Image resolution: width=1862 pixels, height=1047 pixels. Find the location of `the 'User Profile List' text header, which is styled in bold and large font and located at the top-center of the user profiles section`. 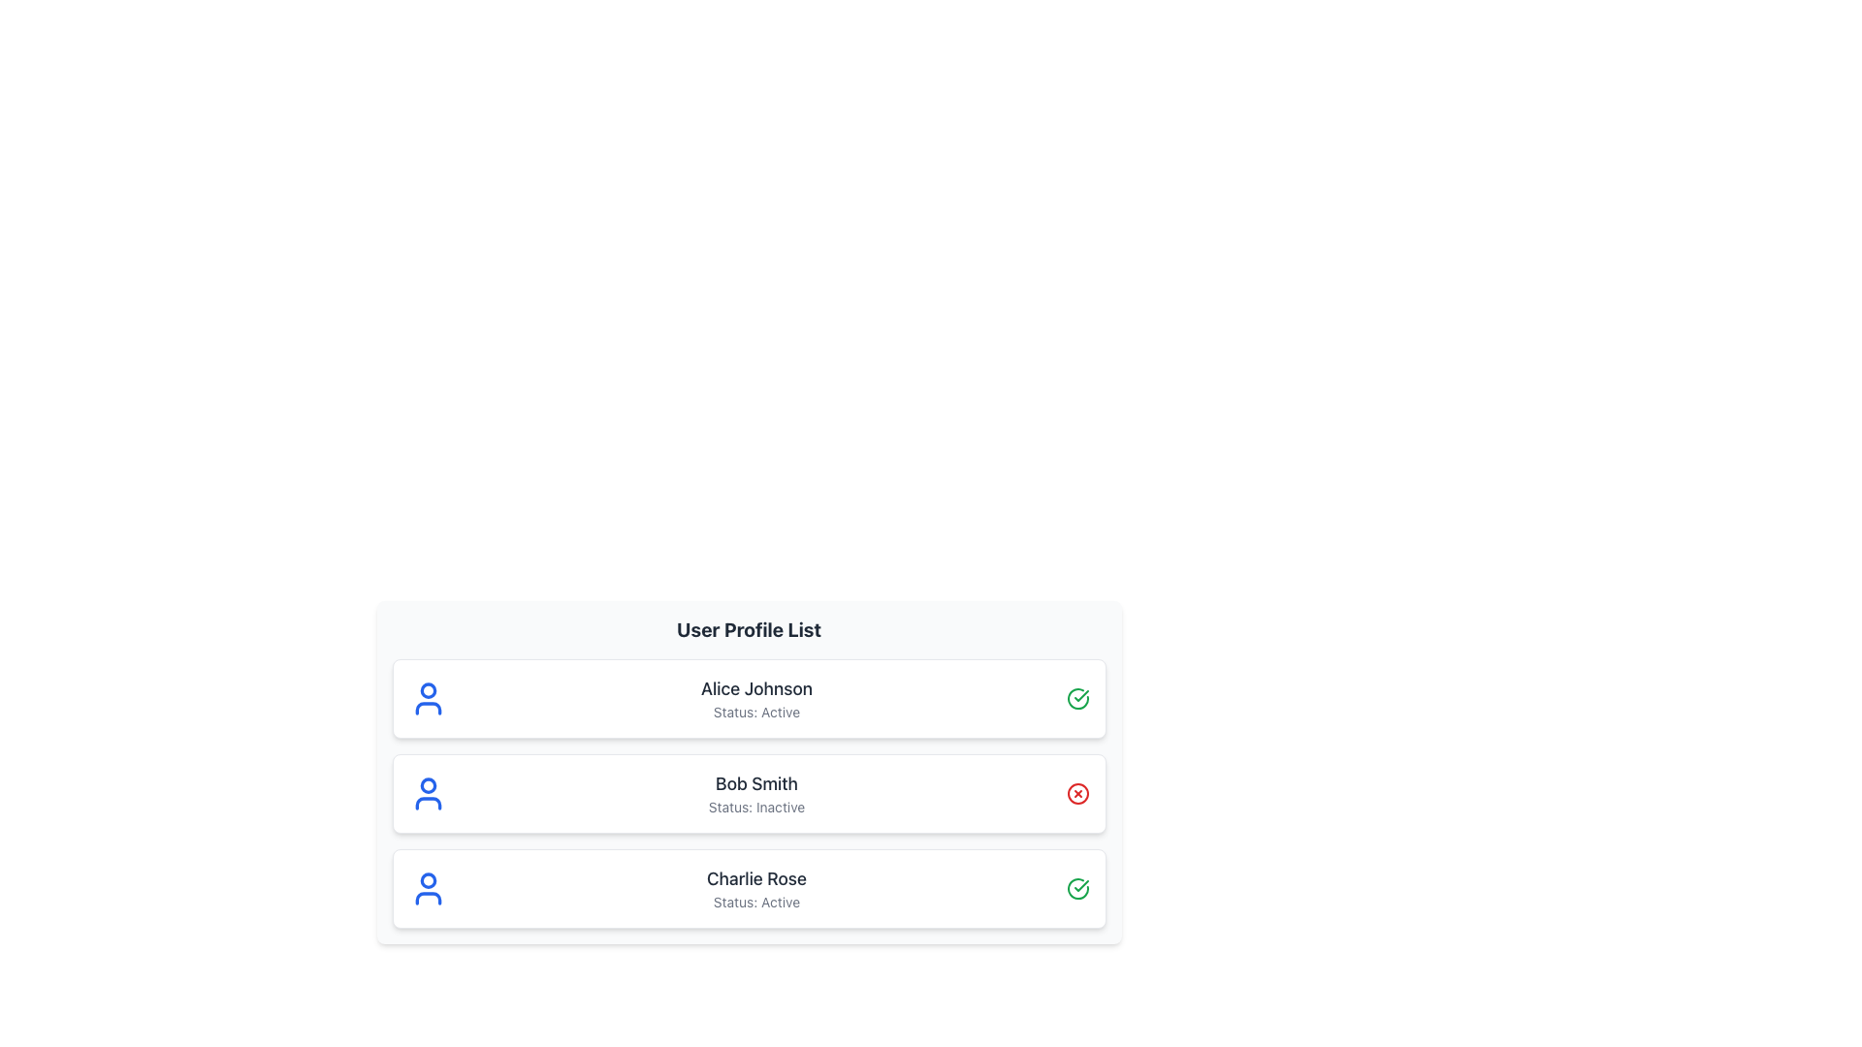

the 'User Profile List' text header, which is styled in bold and large font and located at the top-center of the user profiles section is located at coordinates (748, 630).